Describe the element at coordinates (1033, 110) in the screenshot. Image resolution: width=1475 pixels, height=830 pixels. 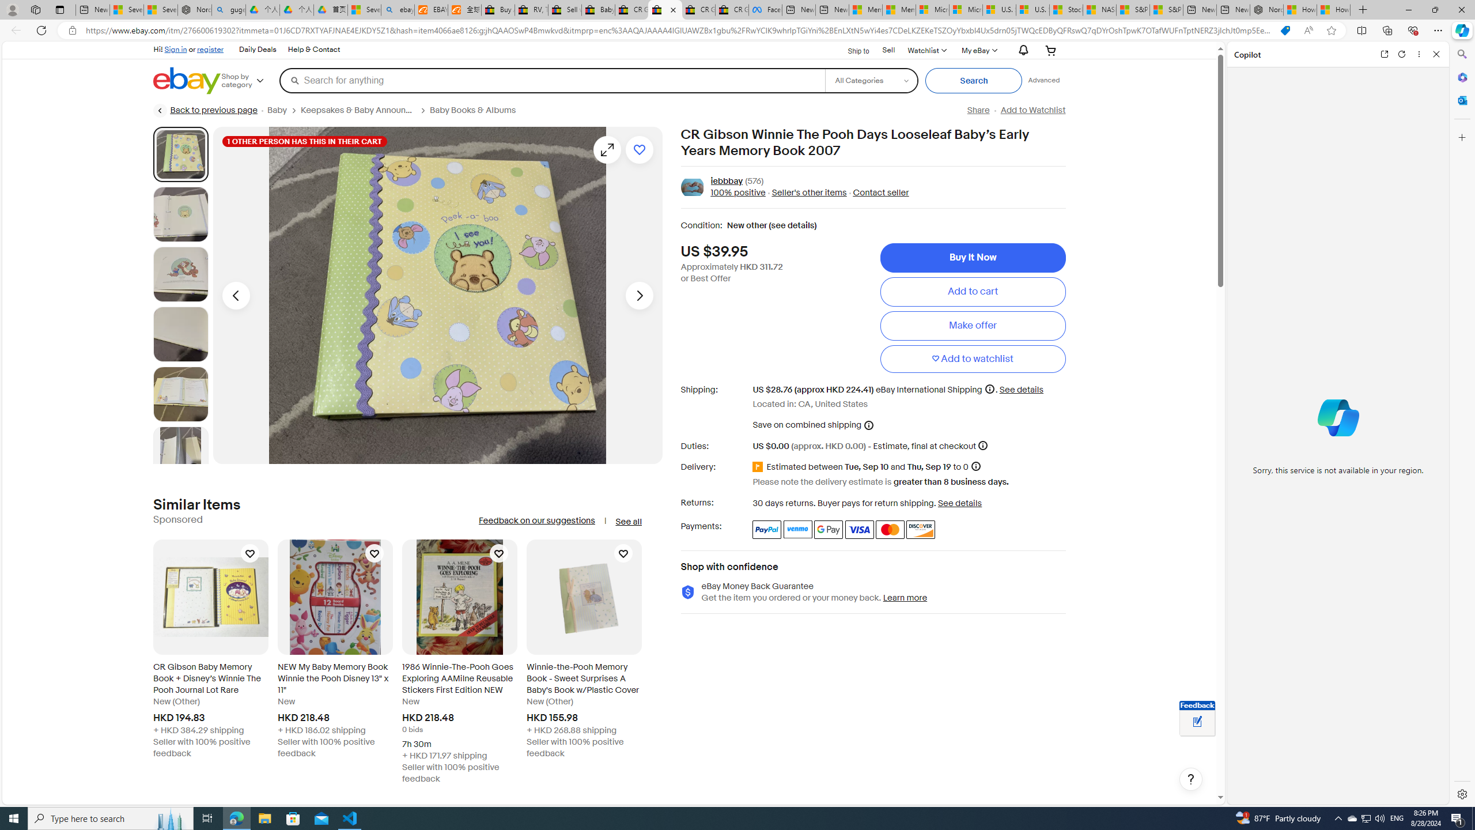
I see `'Add to Watchlist'` at that location.